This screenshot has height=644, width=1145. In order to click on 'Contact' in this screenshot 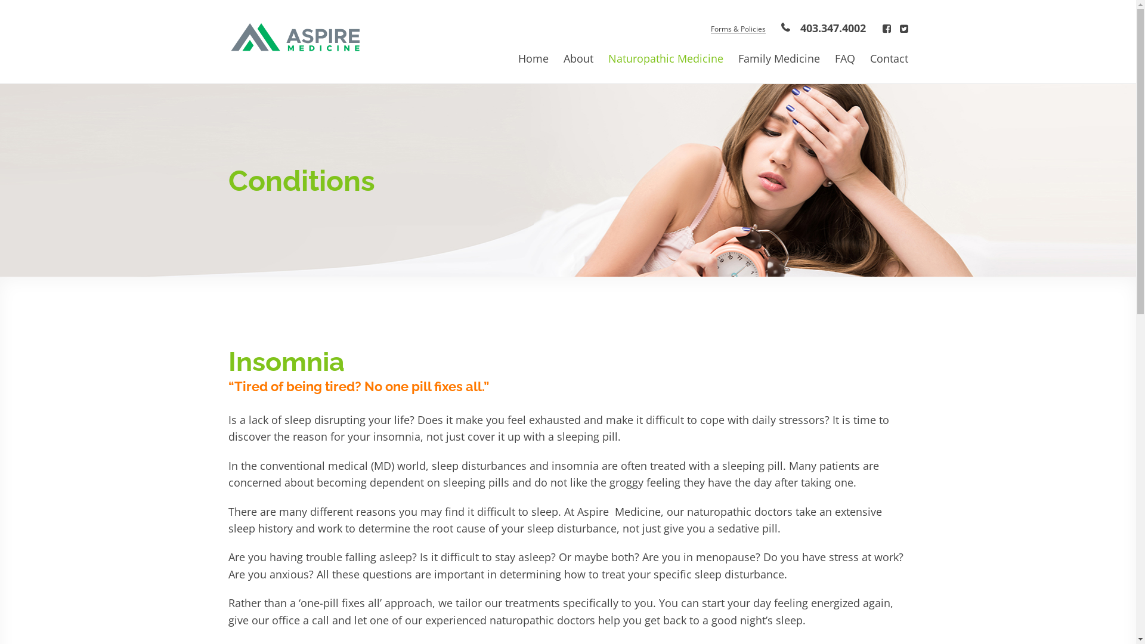, I will do `click(888, 58)`.